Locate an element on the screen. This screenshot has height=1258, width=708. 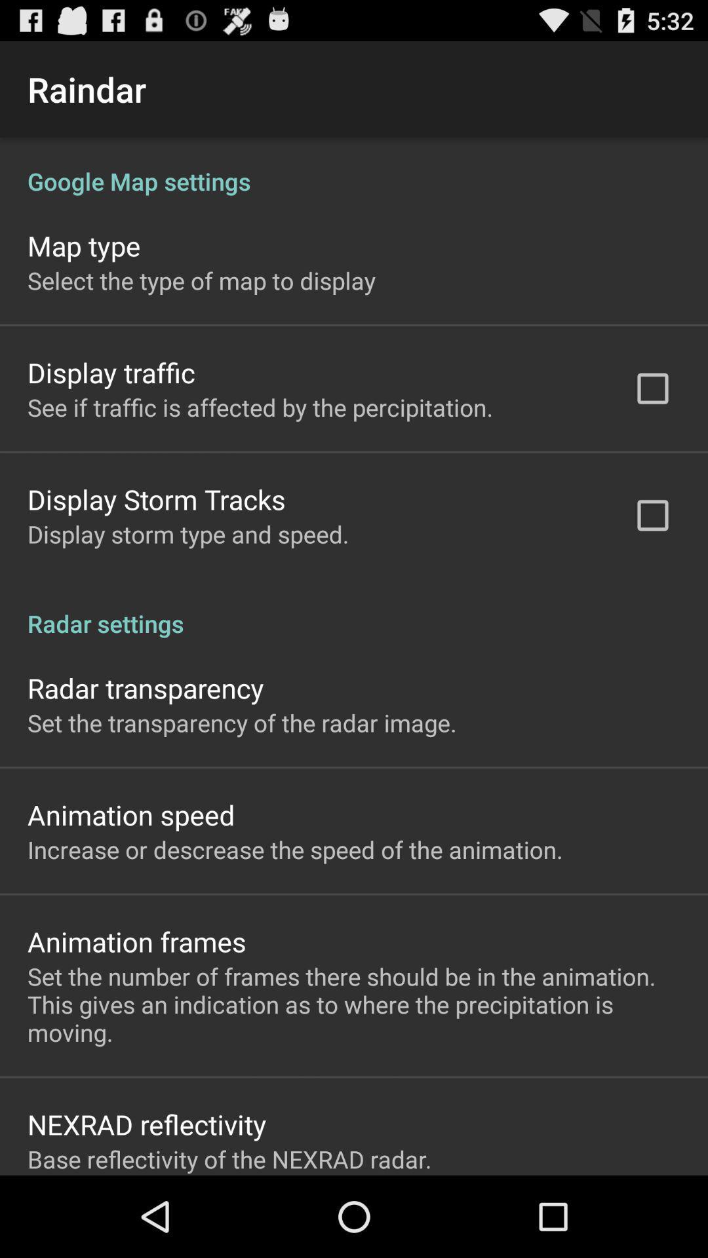
the item below nexrad reflectivity app is located at coordinates (229, 1159).